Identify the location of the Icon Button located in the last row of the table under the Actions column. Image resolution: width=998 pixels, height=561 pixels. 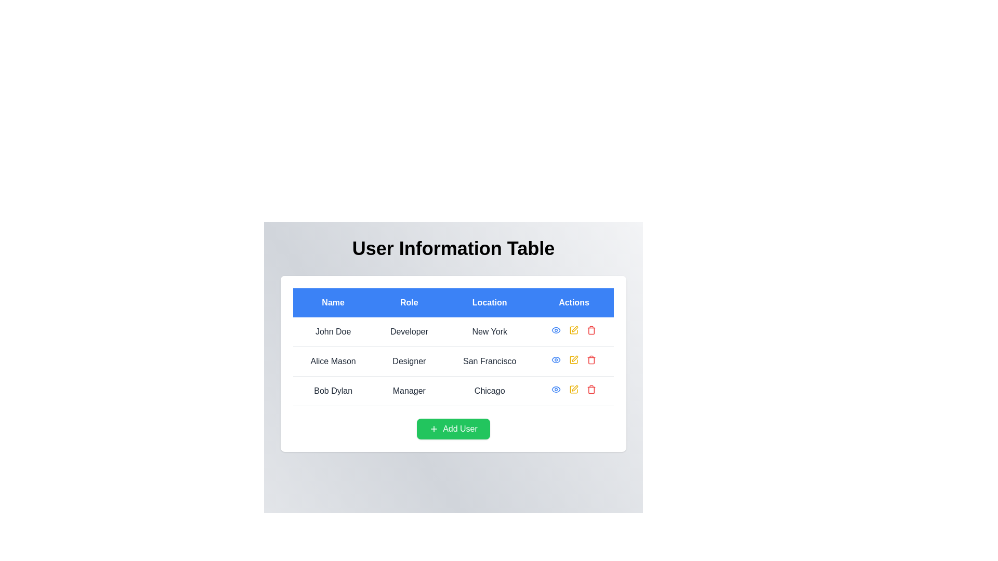
(556, 389).